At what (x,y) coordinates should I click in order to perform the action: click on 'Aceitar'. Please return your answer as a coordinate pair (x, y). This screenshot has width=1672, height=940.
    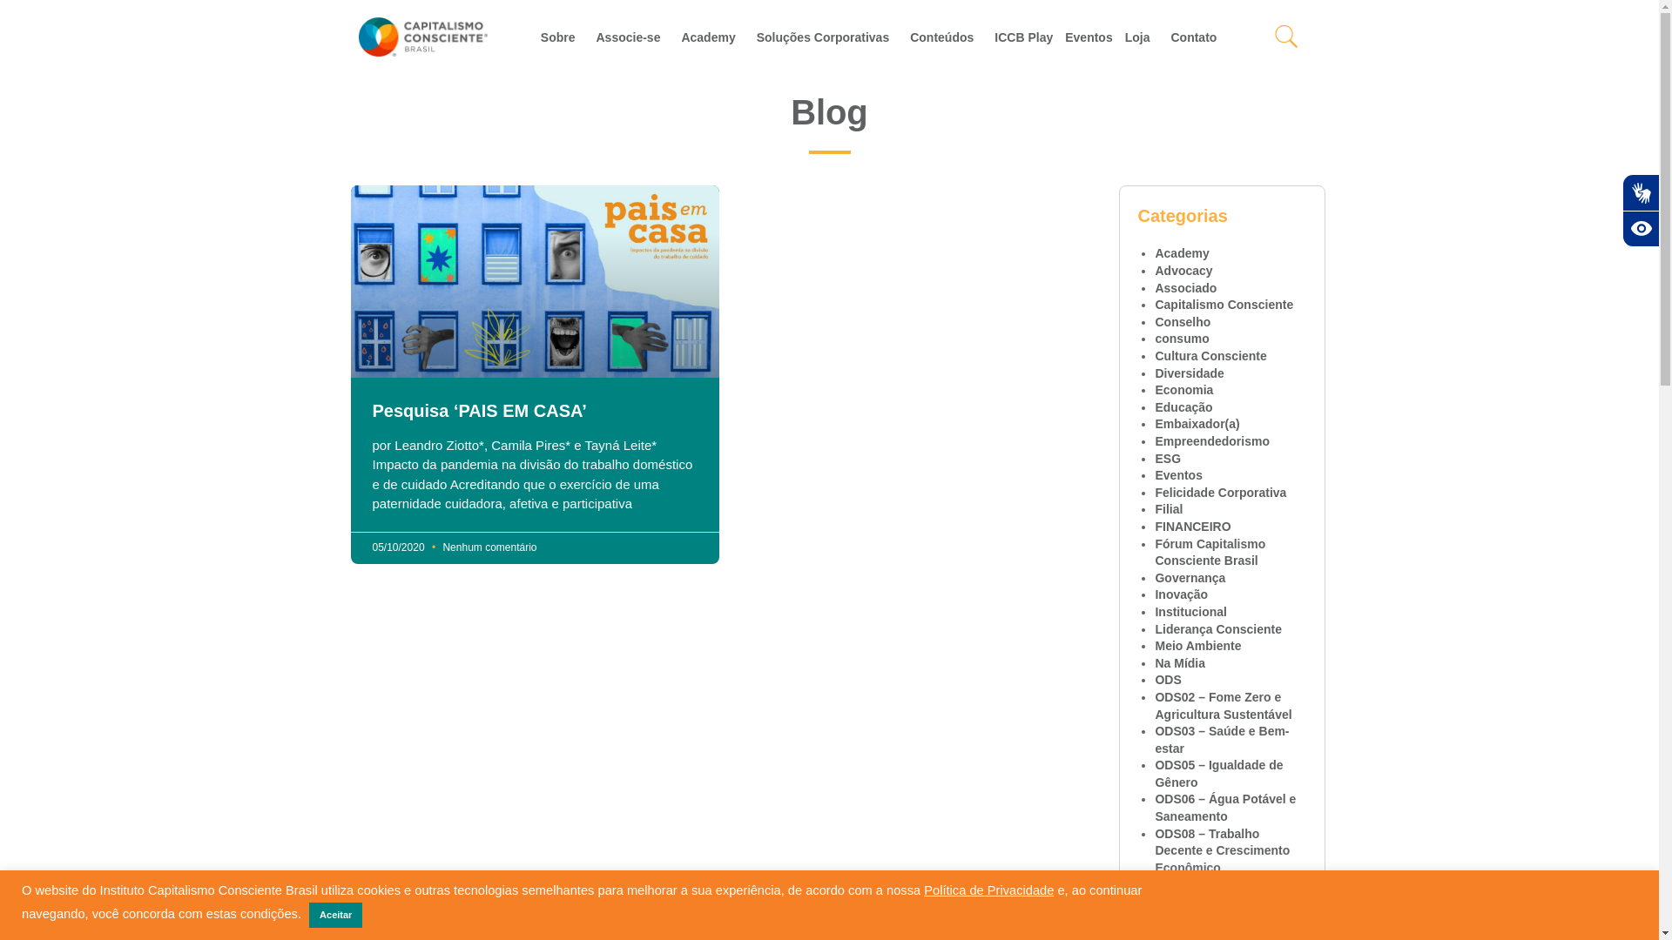
    Looking at the image, I should click on (335, 914).